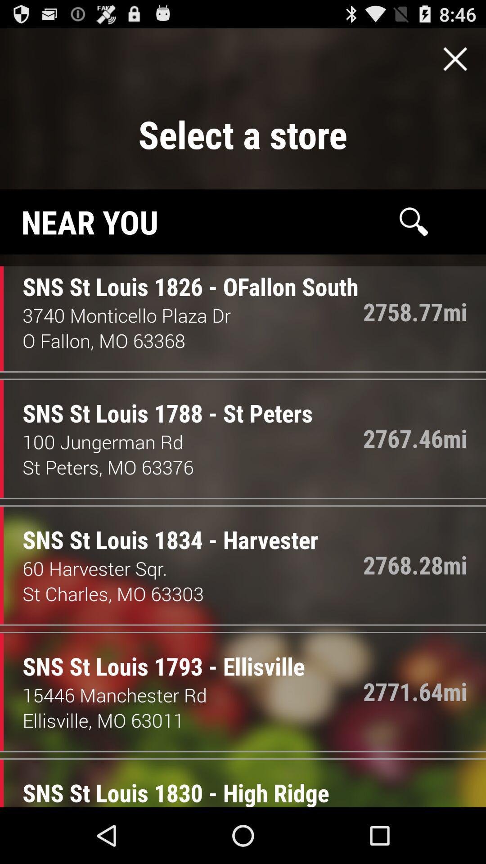 This screenshot has width=486, height=864. What do you see at coordinates (414, 221) in the screenshot?
I see `search page` at bounding box center [414, 221].